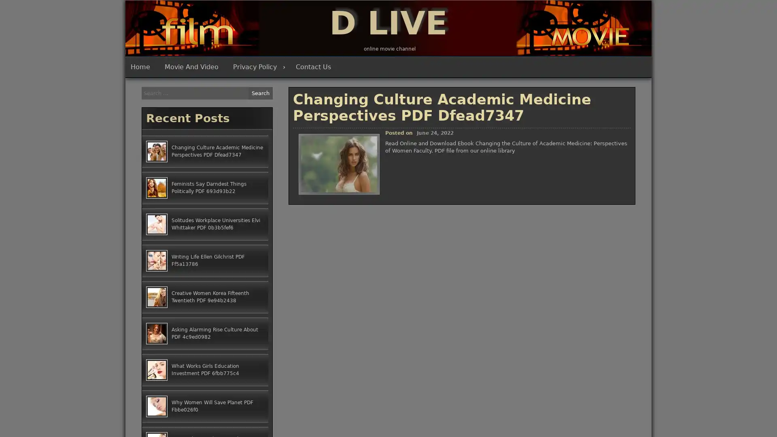 The width and height of the screenshot is (777, 437). I want to click on Search, so click(260, 93).